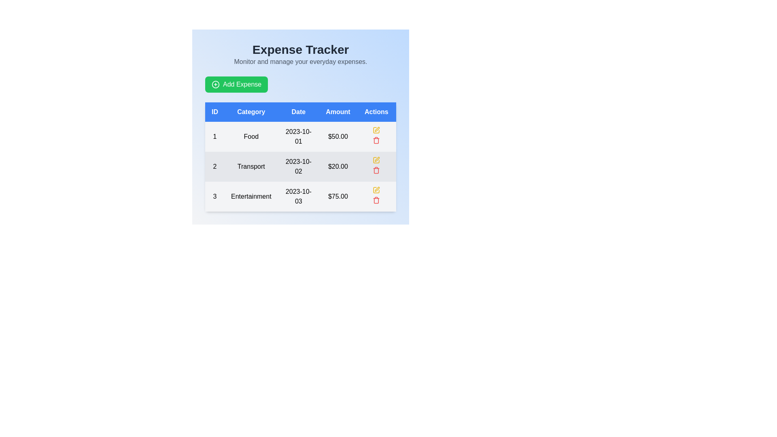 Image resolution: width=777 pixels, height=437 pixels. What do you see at coordinates (376, 129) in the screenshot?
I see `the Icon Button in the 'Actions' column of the first data row` at bounding box center [376, 129].